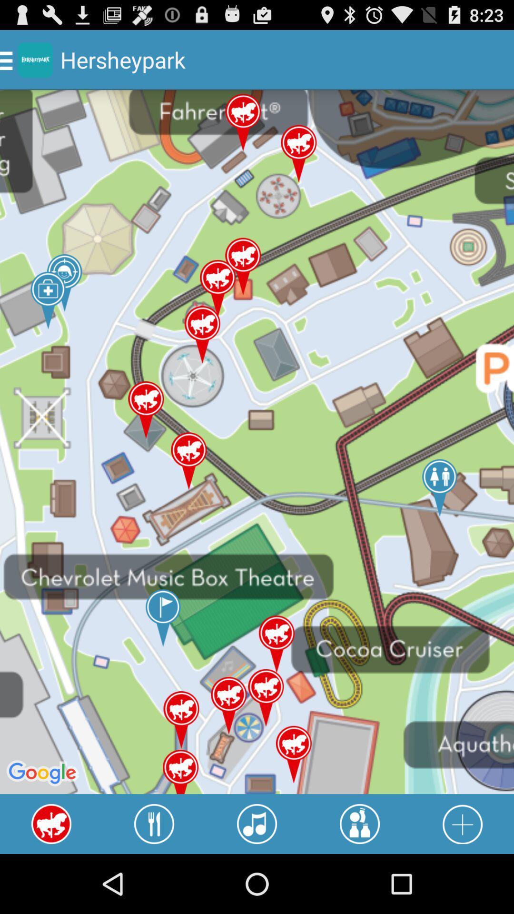 This screenshot has height=914, width=514. I want to click on music concerts, so click(257, 824).